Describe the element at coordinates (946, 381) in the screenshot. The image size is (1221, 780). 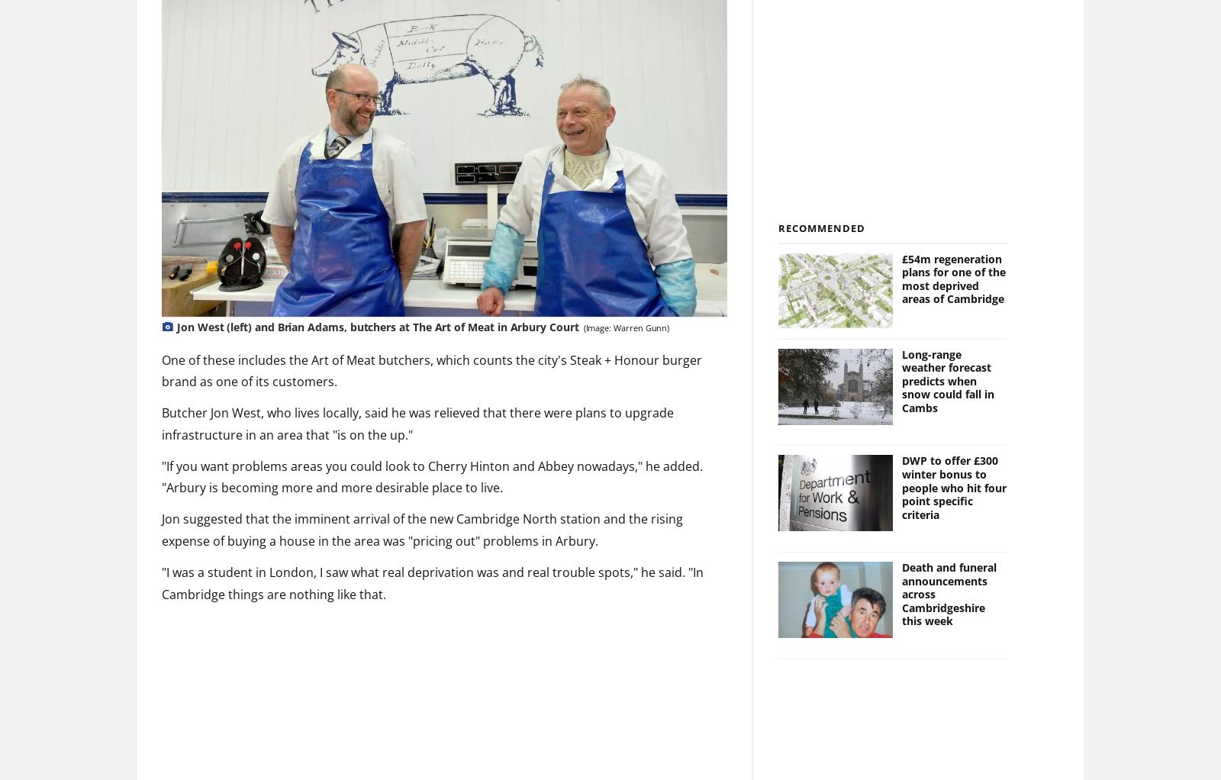
I see `'Long-range weather forecast predicts when snow could fall in Cambs'` at that location.